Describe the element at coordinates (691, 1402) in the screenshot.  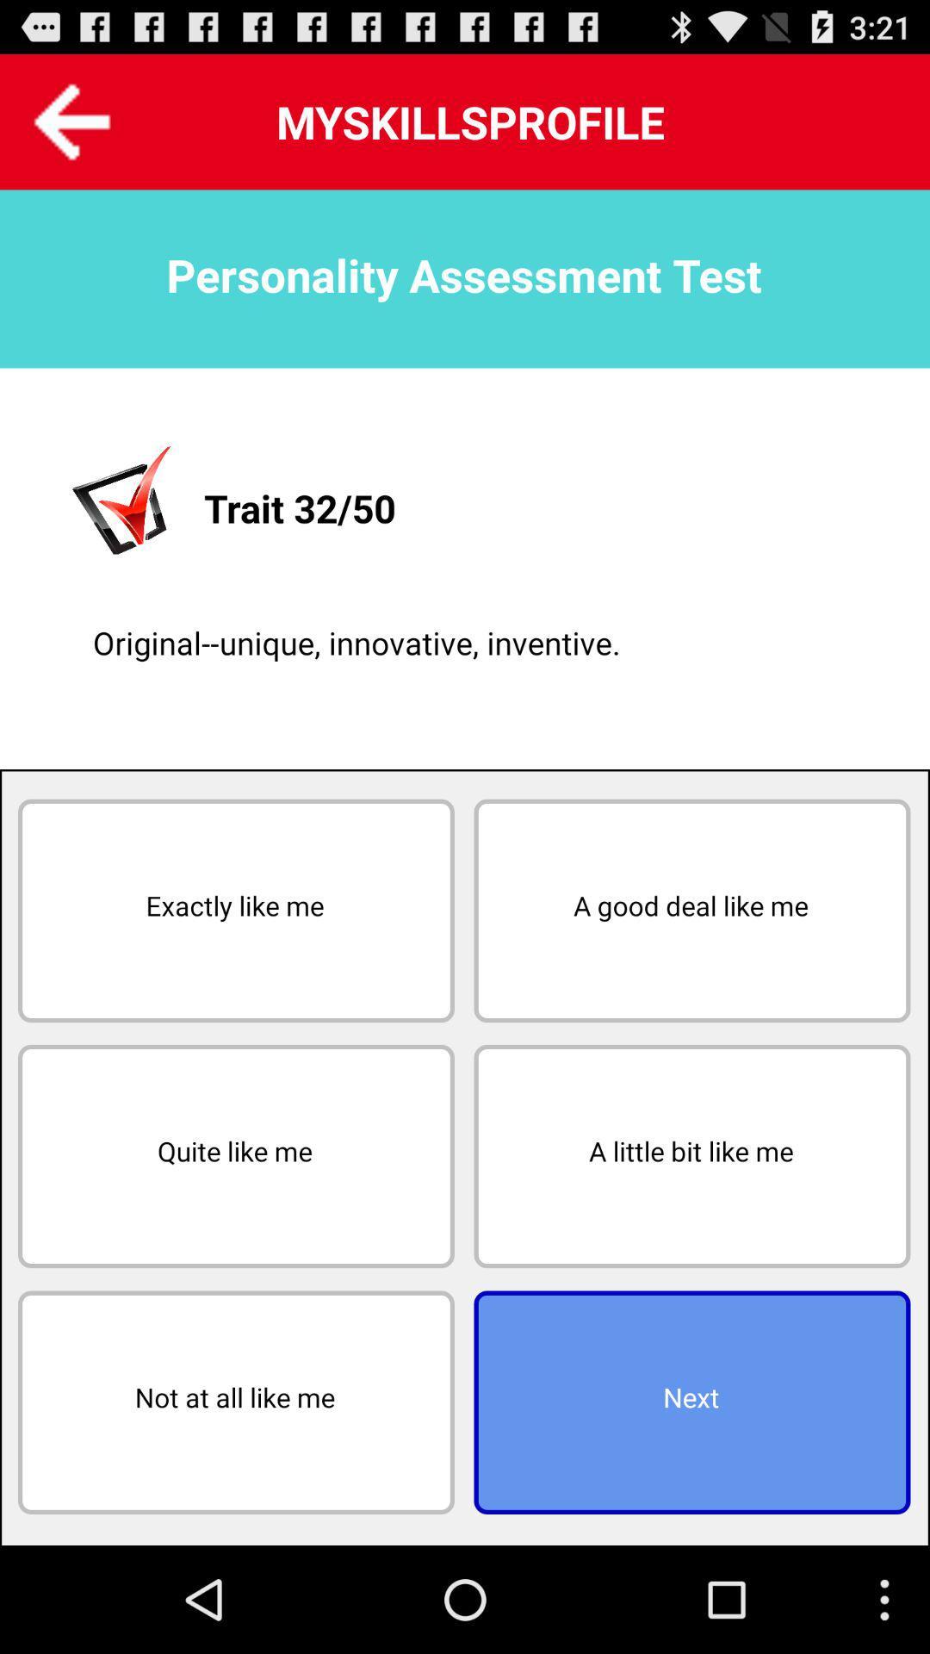
I see `the icon to the right of the not at all button` at that location.